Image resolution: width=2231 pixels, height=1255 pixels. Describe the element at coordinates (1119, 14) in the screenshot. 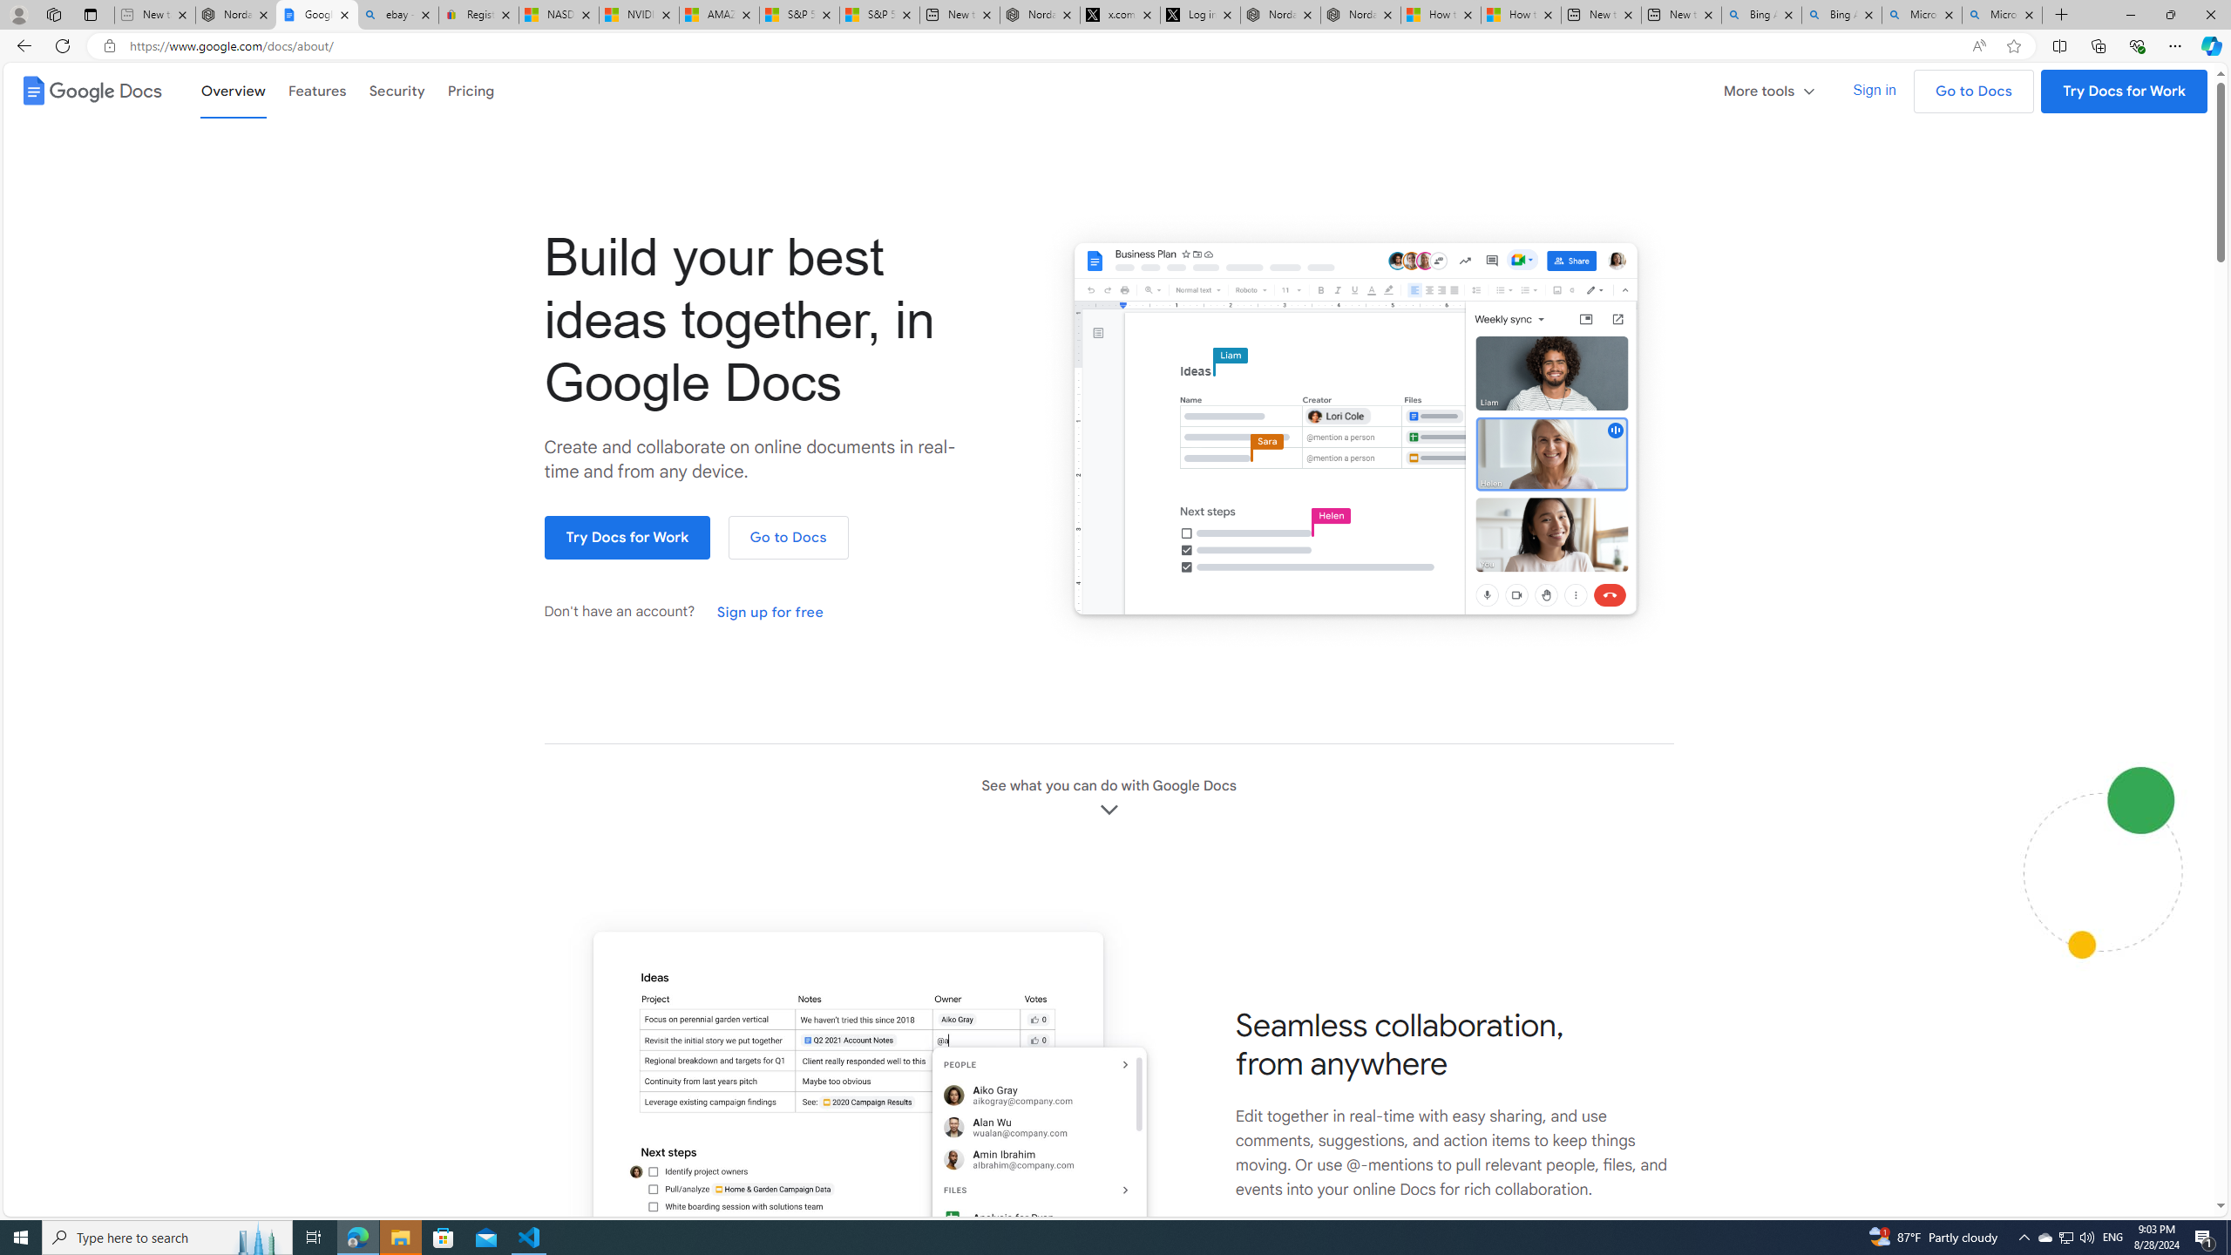

I see `'x.com/NordaceOfficial'` at that location.